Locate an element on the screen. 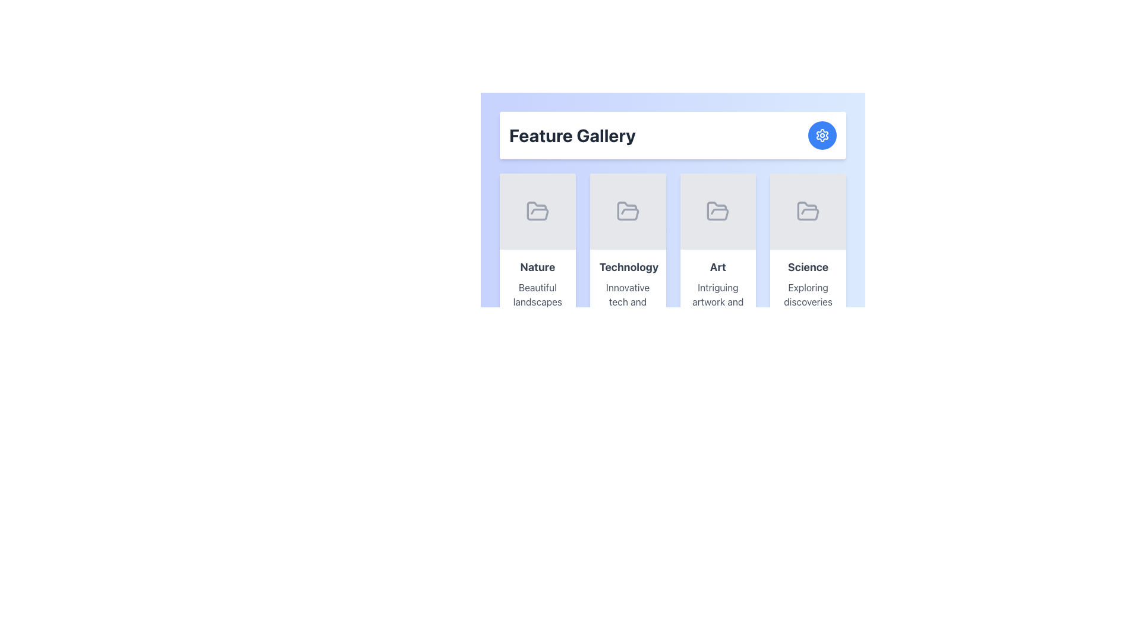 The width and height of the screenshot is (1141, 642). properties of the SVG icon representing a folder located in the third column under the 'Art' category is located at coordinates (717, 210).